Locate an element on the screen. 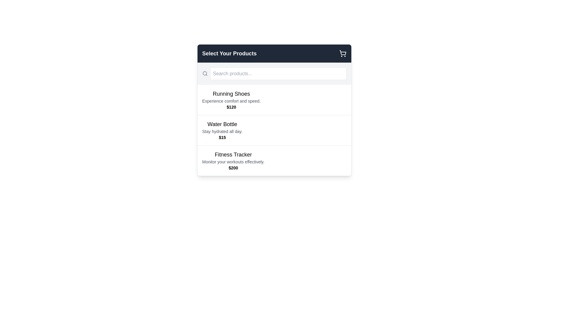 The width and height of the screenshot is (579, 325). the shopping cart icon located in the top-right corner of the header section labeled 'Select Your Products' is located at coordinates (343, 53).